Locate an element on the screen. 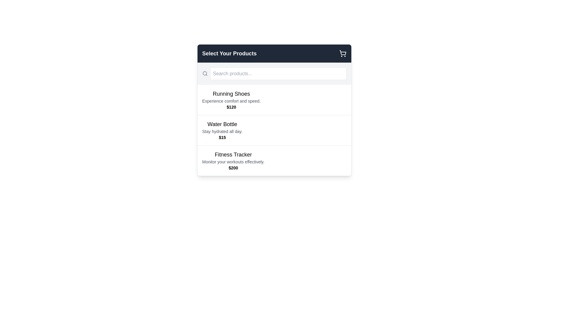 The width and height of the screenshot is (579, 325). the shopping cart icon located in the top-right corner of the header section labeled 'Select Your Products' is located at coordinates (343, 53).